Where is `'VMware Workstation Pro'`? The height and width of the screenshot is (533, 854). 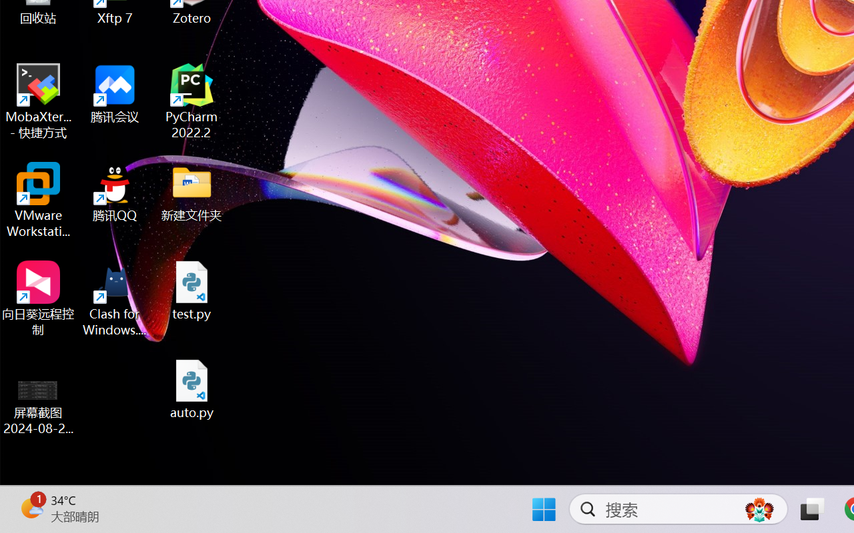 'VMware Workstation Pro' is located at coordinates (38, 200).